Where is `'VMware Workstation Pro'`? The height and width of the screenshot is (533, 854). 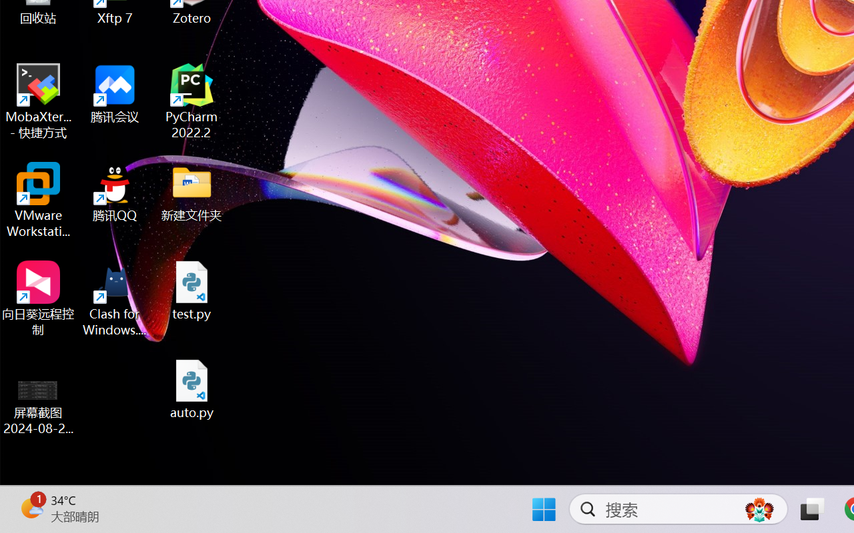 'VMware Workstation Pro' is located at coordinates (38, 200).